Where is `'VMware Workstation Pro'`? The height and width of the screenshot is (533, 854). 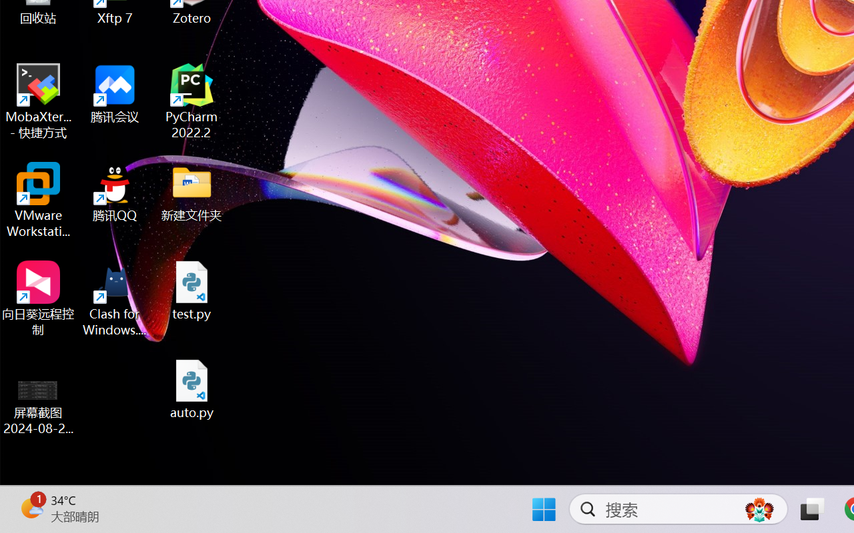 'VMware Workstation Pro' is located at coordinates (38, 200).